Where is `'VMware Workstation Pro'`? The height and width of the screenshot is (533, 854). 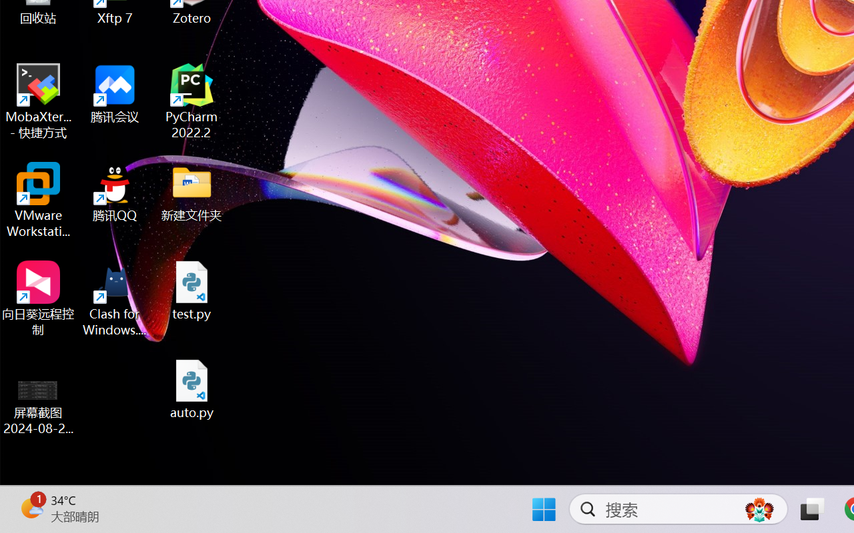 'VMware Workstation Pro' is located at coordinates (38, 200).